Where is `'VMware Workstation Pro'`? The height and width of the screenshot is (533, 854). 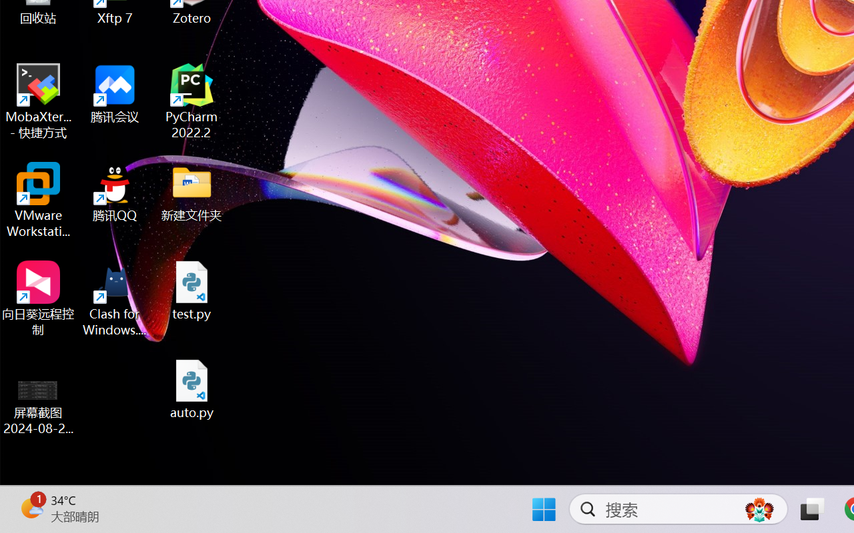 'VMware Workstation Pro' is located at coordinates (38, 200).